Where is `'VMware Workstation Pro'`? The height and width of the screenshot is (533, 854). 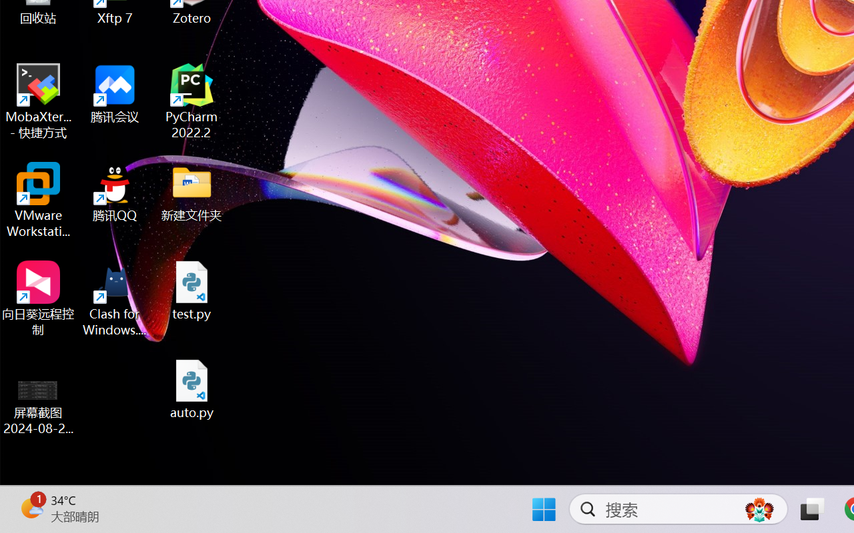 'VMware Workstation Pro' is located at coordinates (38, 200).